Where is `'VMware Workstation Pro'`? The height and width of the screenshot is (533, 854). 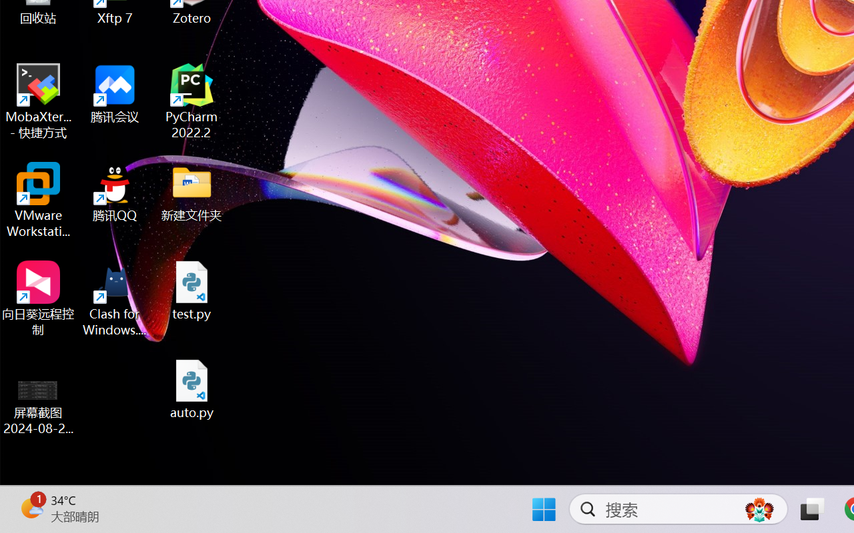 'VMware Workstation Pro' is located at coordinates (38, 200).